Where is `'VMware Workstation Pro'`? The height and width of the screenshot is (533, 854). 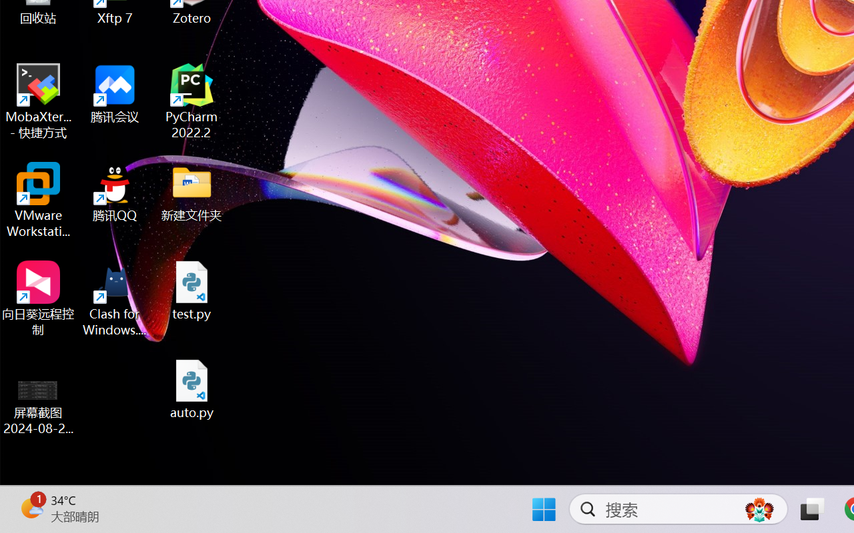 'VMware Workstation Pro' is located at coordinates (38, 200).